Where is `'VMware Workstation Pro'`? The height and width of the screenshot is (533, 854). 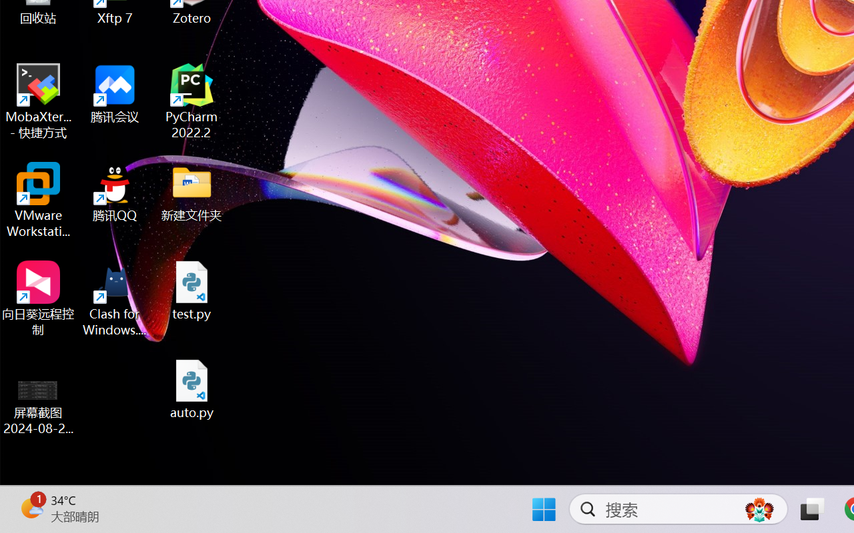 'VMware Workstation Pro' is located at coordinates (38, 200).